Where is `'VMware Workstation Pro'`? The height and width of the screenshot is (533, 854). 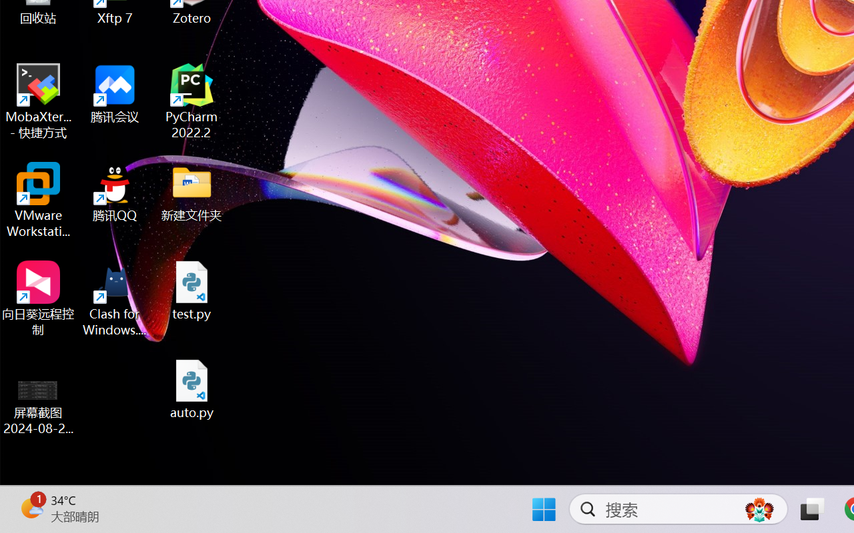 'VMware Workstation Pro' is located at coordinates (38, 200).